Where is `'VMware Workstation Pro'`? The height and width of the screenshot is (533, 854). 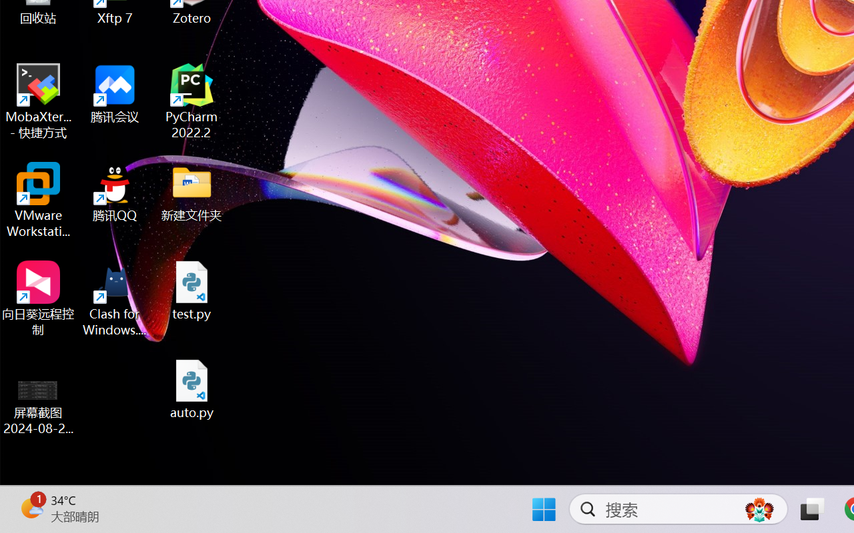 'VMware Workstation Pro' is located at coordinates (38, 200).